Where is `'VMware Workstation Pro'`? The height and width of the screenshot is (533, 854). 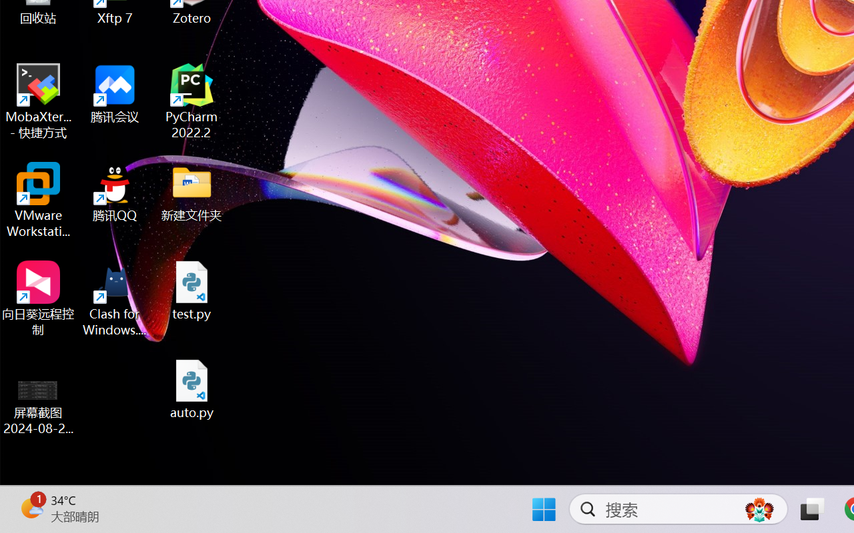 'VMware Workstation Pro' is located at coordinates (38, 200).